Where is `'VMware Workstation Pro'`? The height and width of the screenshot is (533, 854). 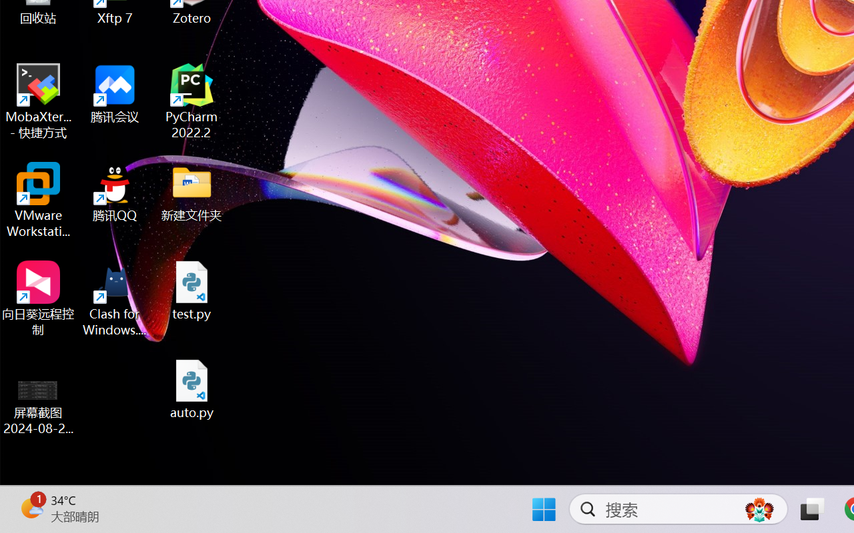 'VMware Workstation Pro' is located at coordinates (38, 200).